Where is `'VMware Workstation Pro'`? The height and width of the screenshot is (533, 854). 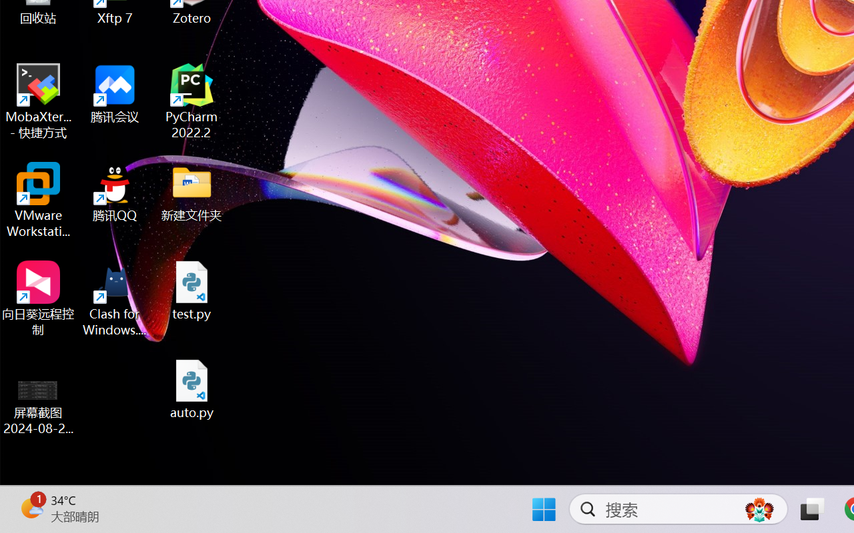 'VMware Workstation Pro' is located at coordinates (38, 200).